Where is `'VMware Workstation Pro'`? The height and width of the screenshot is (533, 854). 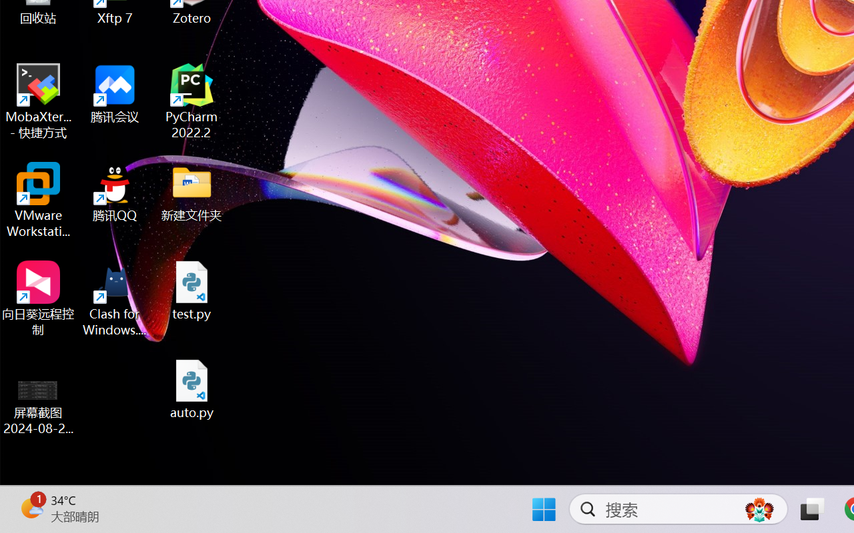 'VMware Workstation Pro' is located at coordinates (38, 200).